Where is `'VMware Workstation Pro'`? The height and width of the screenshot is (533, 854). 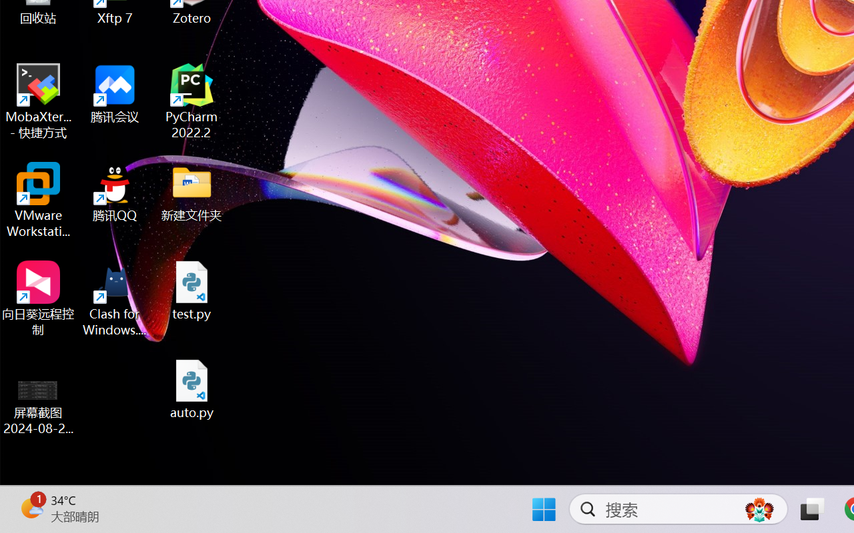 'VMware Workstation Pro' is located at coordinates (38, 200).